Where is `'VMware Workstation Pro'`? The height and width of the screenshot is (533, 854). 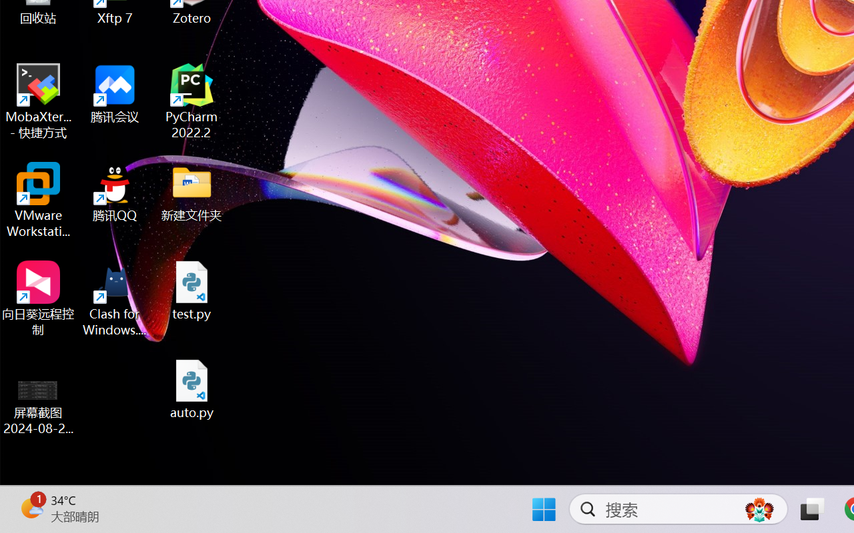 'VMware Workstation Pro' is located at coordinates (38, 200).